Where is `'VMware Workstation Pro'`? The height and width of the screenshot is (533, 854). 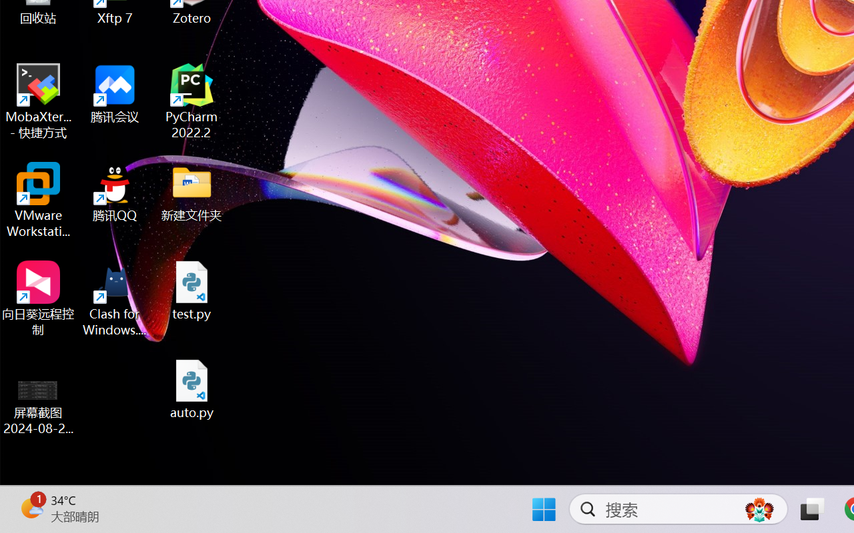 'VMware Workstation Pro' is located at coordinates (38, 200).